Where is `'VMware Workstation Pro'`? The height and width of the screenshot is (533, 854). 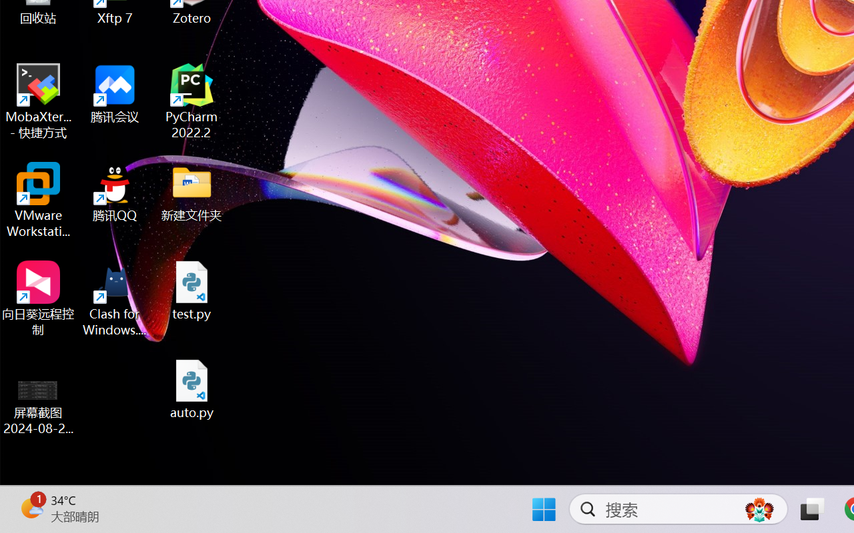 'VMware Workstation Pro' is located at coordinates (38, 200).